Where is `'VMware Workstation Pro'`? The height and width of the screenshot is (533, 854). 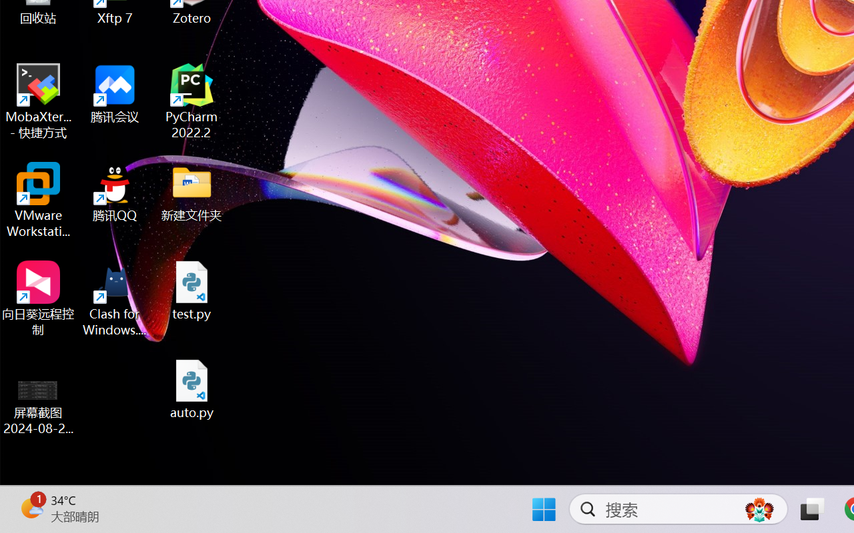 'VMware Workstation Pro' is located at coordinates (38, 200).